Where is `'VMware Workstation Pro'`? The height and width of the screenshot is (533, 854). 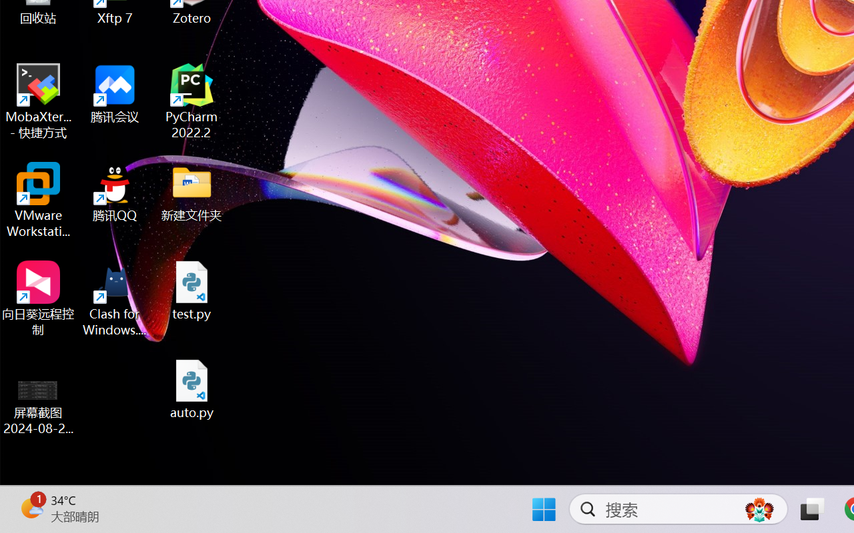 'VMware Workstation Pro' is located at coordinates (38, 200).